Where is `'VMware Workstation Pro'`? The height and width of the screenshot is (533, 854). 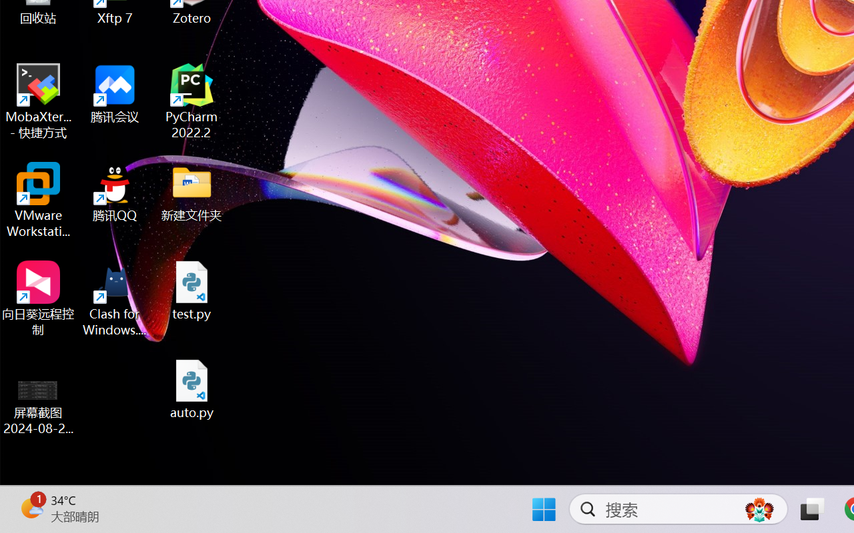 'VMware Workstation Pro' is located at coordinates (38, 200).